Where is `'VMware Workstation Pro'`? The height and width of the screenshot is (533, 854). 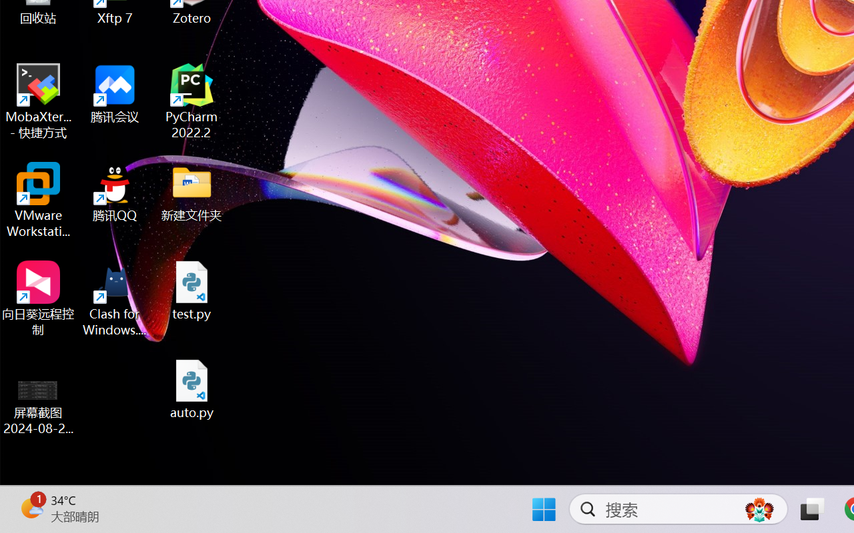 'VMware Workstation Pro' is located at coordinates (38, 200).